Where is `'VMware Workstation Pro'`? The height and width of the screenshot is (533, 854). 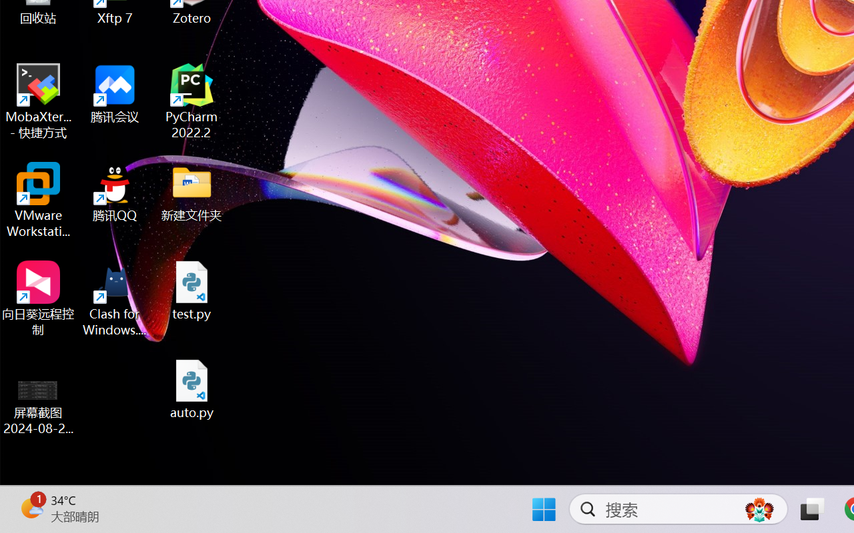 'VMware Workstation Pro' is located at coordinates (38, 200).